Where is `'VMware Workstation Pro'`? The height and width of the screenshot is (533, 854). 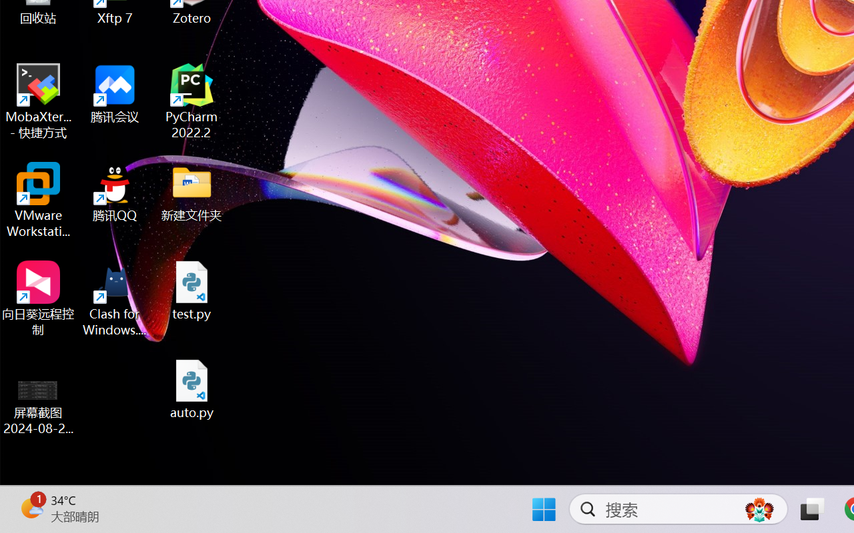 'VMware Workstation Pro' is located at coordinates (38, 200).